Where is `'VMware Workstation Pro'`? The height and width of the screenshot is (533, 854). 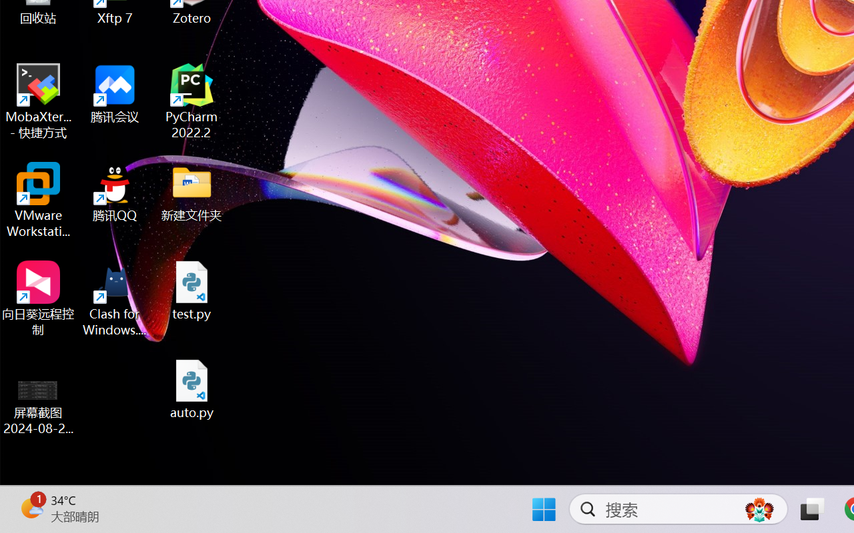 'VMware Workstation Pro' is located at coordinates (38, 200).